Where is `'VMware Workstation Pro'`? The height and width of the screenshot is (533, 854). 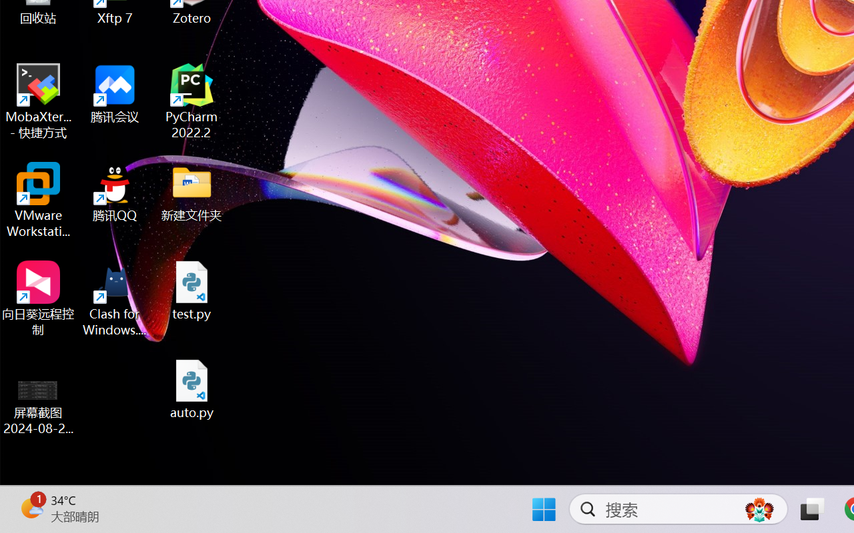 'VMware Workstation Pro' is located at coordinates (38, 200).